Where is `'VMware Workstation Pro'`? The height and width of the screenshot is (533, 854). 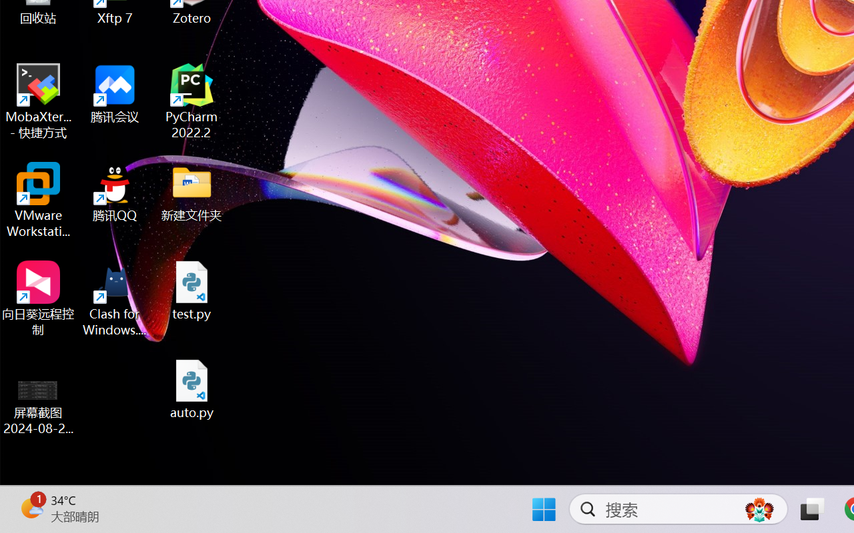 'VMware Workstation Pro' is located at coordinates (38, 200).